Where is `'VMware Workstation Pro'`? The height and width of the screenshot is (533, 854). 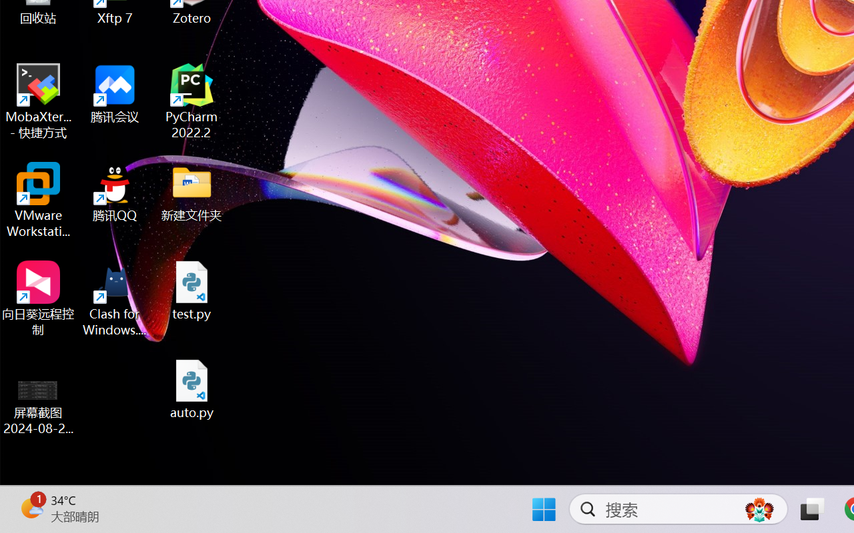 'VMware Workstation Pro' is located at coordinates (38, 200).